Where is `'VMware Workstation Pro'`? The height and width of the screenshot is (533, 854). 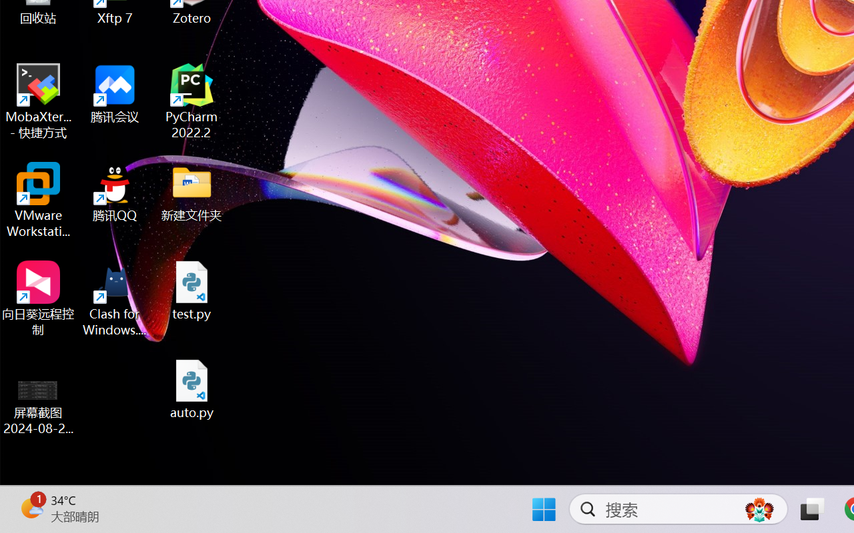 'VMware Workstation Pro' is located at coordinates (38, 200).